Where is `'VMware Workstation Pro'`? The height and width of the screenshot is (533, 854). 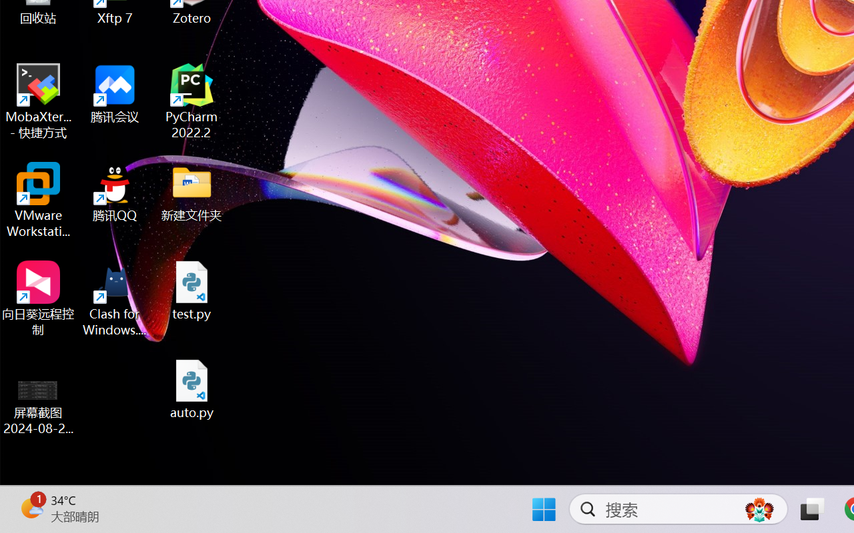 'VMware Workstation Pro' is located at coordinates (38, 200).